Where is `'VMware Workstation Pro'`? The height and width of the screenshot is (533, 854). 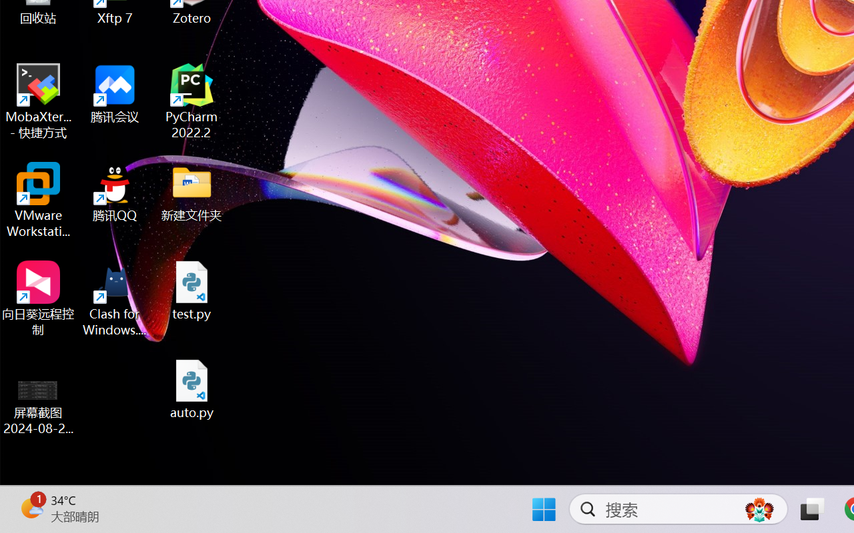 'VMware Workstation Pro' is located at coordinates (38, 200).